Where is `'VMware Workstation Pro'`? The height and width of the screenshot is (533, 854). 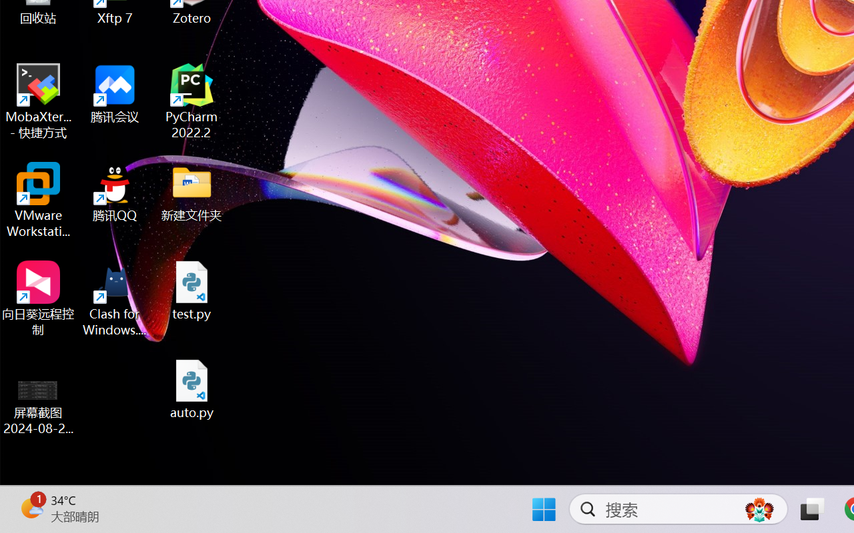 'VMware Workstation Pro' is located at coordinates (38, 200).